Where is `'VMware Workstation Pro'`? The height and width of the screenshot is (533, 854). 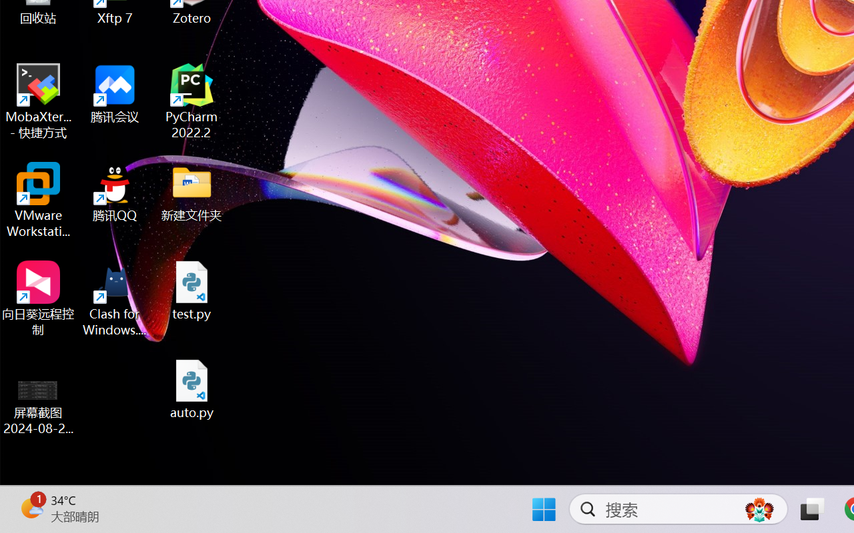 'VMware Workstation Pro' is located at coordinates (38, 200).